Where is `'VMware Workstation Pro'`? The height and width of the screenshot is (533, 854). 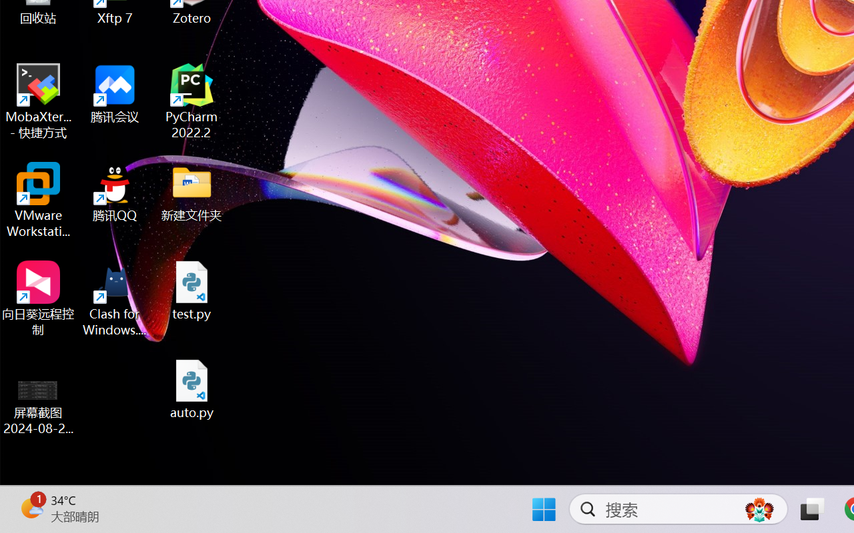 'VMware Workstation Pro' is located at coordinates (38, 200).